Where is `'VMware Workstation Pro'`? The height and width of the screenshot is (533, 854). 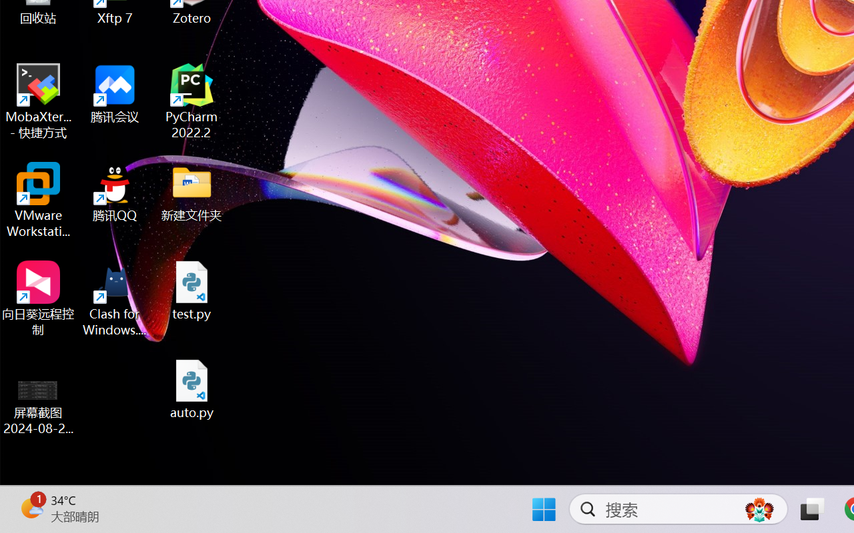 'VMware Workstation Pro' is located at coordinates (38, 200).